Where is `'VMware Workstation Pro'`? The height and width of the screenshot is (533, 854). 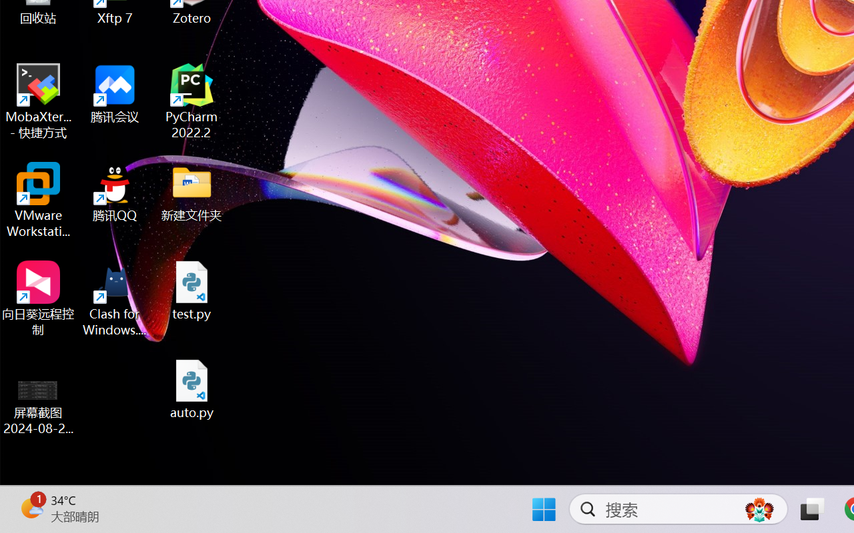 'VMware Workstation Pro' is located at coordinates (38, 200).